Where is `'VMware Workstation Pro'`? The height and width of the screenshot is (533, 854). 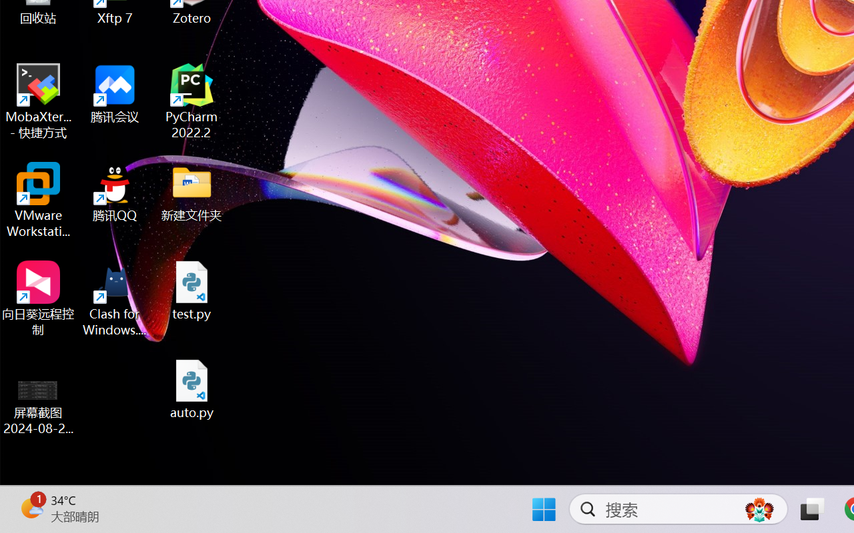 'VMware Workstation Pro' is located at coordinates (38, 200).